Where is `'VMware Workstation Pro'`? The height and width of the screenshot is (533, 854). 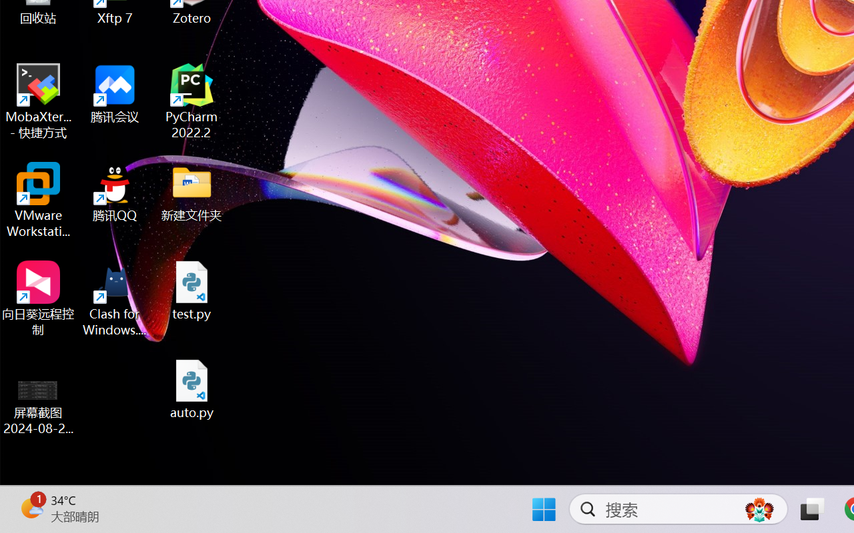 'VMware Workstation Pro' is located at coordinates (38, 200).